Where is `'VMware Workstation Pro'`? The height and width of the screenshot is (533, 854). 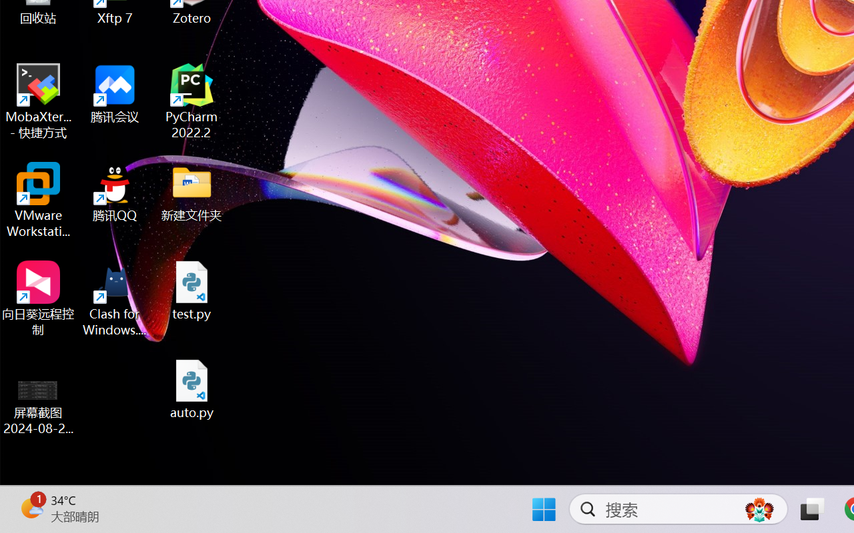 'VMware Workstation Pro' is located at coordinates (38, 200).